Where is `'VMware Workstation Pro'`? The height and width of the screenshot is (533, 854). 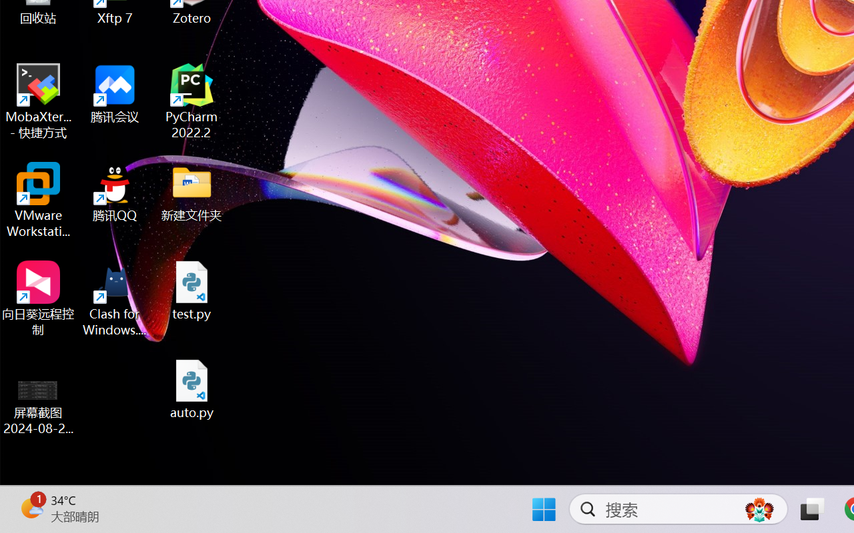 'VMware Workstation Pro' is located at coordinates (38, 200).